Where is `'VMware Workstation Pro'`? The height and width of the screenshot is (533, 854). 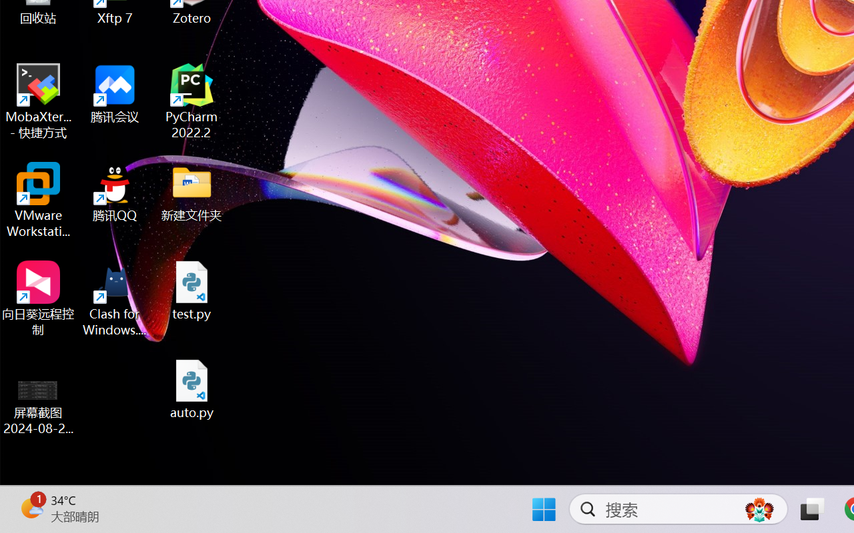 'VMware Workstation Pro' is located at coordinates (38, 200).